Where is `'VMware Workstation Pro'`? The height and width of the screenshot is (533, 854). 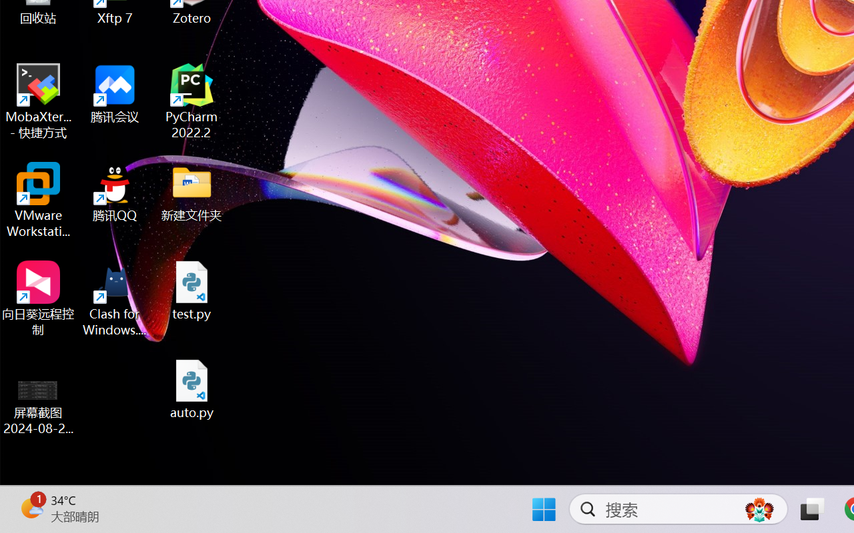 'VMware Workstation Pro' is located at coordinates (38, 200).